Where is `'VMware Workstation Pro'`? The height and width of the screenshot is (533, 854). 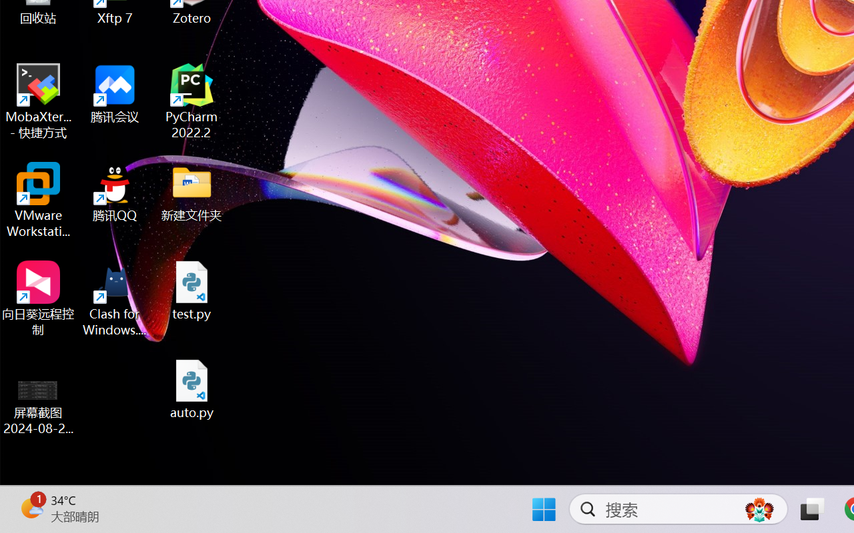 'VMware Workstation Pro' is located at coordinates (38, 200).